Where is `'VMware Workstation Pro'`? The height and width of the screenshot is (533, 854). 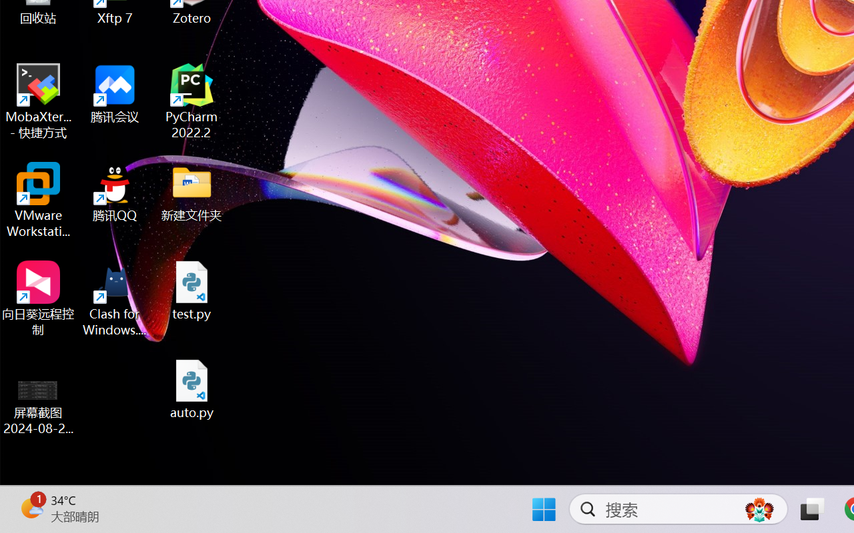 'VMware Workstation Pro' is located at coordinates (38, 200).